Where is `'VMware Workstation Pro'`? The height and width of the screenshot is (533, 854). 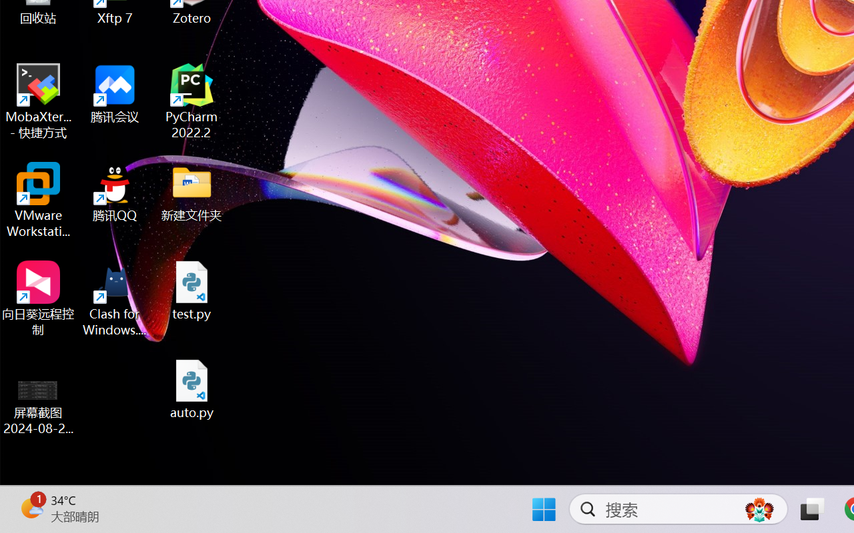 'VMware Workstation Pro' is located at coordinates (38, 200).